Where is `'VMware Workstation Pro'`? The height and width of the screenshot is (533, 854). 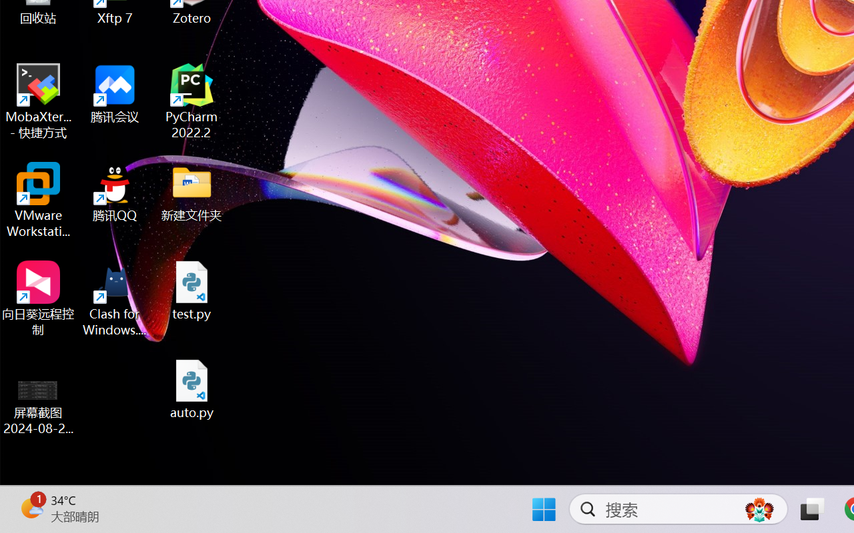 'VMware Workstation Pro' is located at coordinates (38, 200).